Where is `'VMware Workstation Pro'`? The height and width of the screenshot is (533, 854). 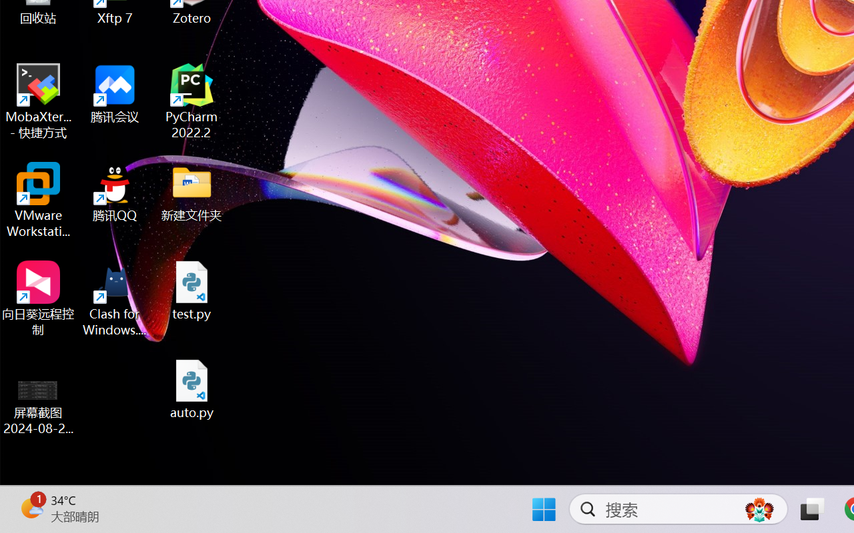 'VMware Workstation Pro' is located at coordinates (38, 200).